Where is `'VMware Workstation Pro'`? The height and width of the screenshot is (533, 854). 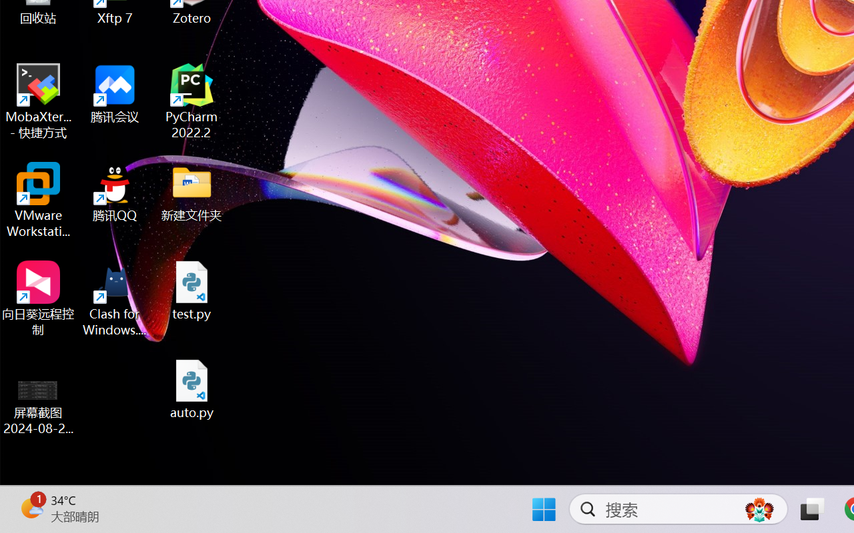 'VMware Workstation Pro' is located at coordinates (38, 200).